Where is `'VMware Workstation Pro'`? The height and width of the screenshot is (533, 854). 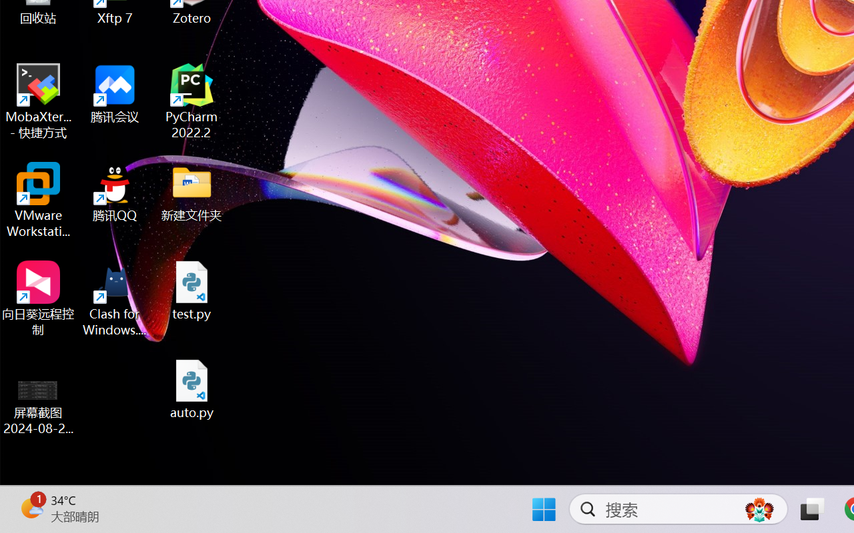 'VMware Workstation Pro' is located at coordinates (38, 200).